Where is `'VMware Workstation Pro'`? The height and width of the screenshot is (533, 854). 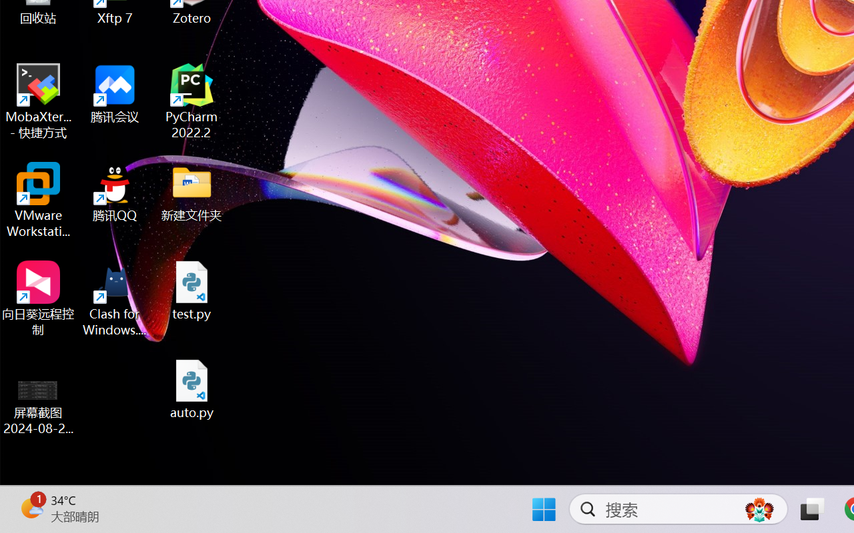 'VMware Workstation Pro' is located at coordinates (38, 200).